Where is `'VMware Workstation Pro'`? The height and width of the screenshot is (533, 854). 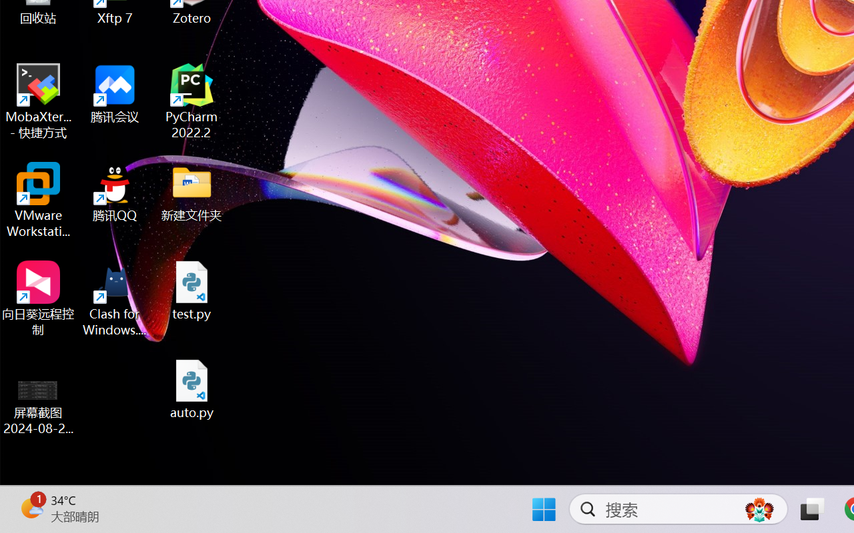 'VMware Workstation Pro' is located at coordinates (38, 200).